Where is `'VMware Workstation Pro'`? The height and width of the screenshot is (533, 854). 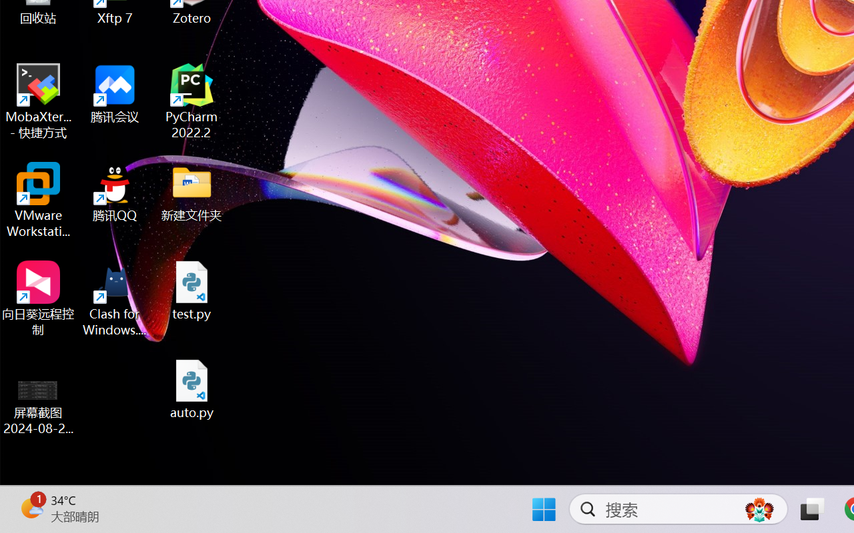 'VMware Workstation Pro' is located at coordinates (38, 200).